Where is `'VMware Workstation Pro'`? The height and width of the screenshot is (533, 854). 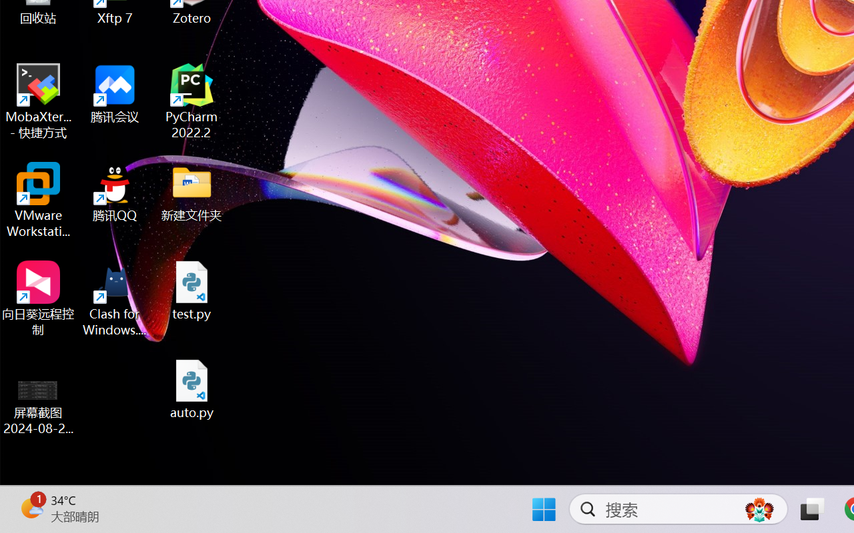 'VMware Workstation Pro' is located at coordinates (38, 200).